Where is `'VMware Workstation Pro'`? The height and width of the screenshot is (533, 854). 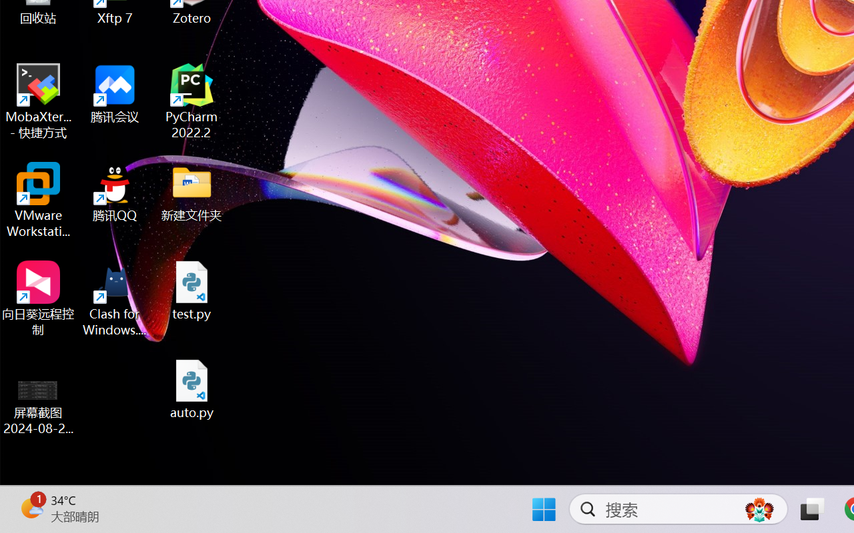 'VMware Workstation Pro' is located at coordinates (38, 200).